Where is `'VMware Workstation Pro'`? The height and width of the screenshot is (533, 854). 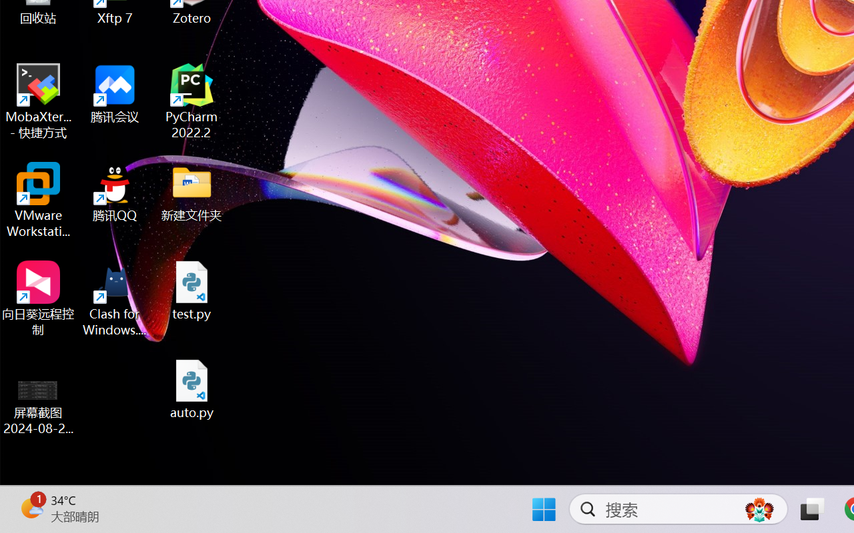 'VMware Workstation Pro' is located at coordinates (38, 200).